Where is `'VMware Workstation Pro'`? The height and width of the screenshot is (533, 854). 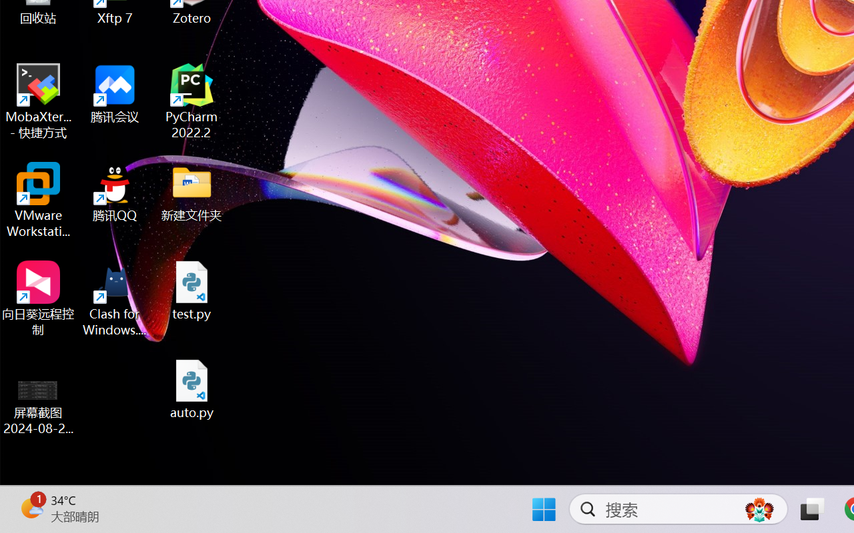 'VMware Workstation Pro' is located at coordinates (38, 200).